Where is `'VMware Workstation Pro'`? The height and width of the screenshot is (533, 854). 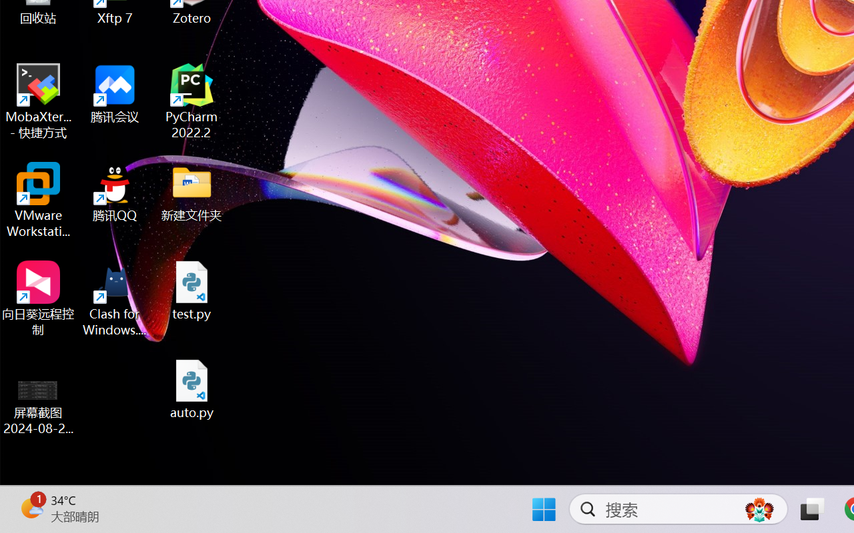 'VMware Workstation Pro' is located at coordinates (38, 200).